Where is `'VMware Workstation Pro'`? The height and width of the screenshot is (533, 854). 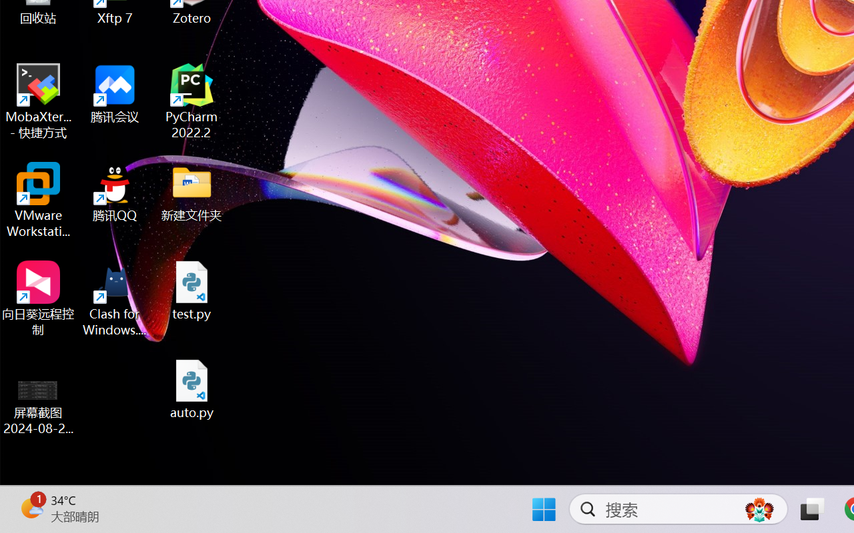 'VMware Workstation Pro' is located at coordinates (38, 200).